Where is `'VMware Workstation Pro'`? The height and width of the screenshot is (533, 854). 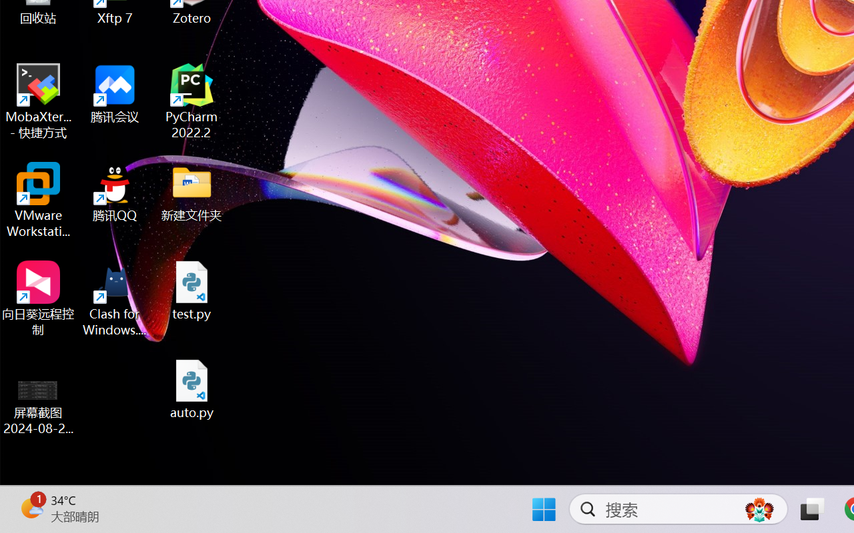 'VMware Workstation Pro' is located at coordinates (38, 200).